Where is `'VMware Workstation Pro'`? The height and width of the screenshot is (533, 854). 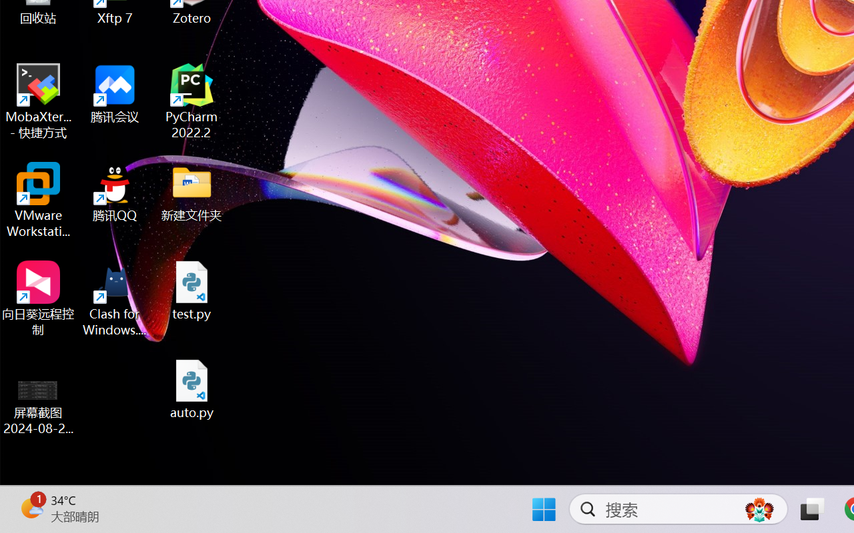 'VMware Workstation Pro' is located at coordinates (38, 200).